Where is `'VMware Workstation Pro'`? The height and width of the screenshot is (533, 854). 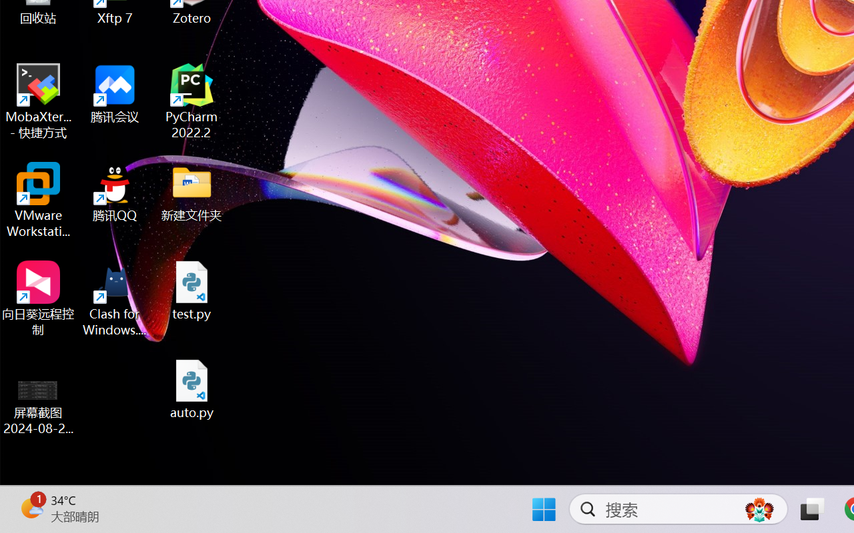 'VMware Workstation Pro' is located at coordinates (38, 200).